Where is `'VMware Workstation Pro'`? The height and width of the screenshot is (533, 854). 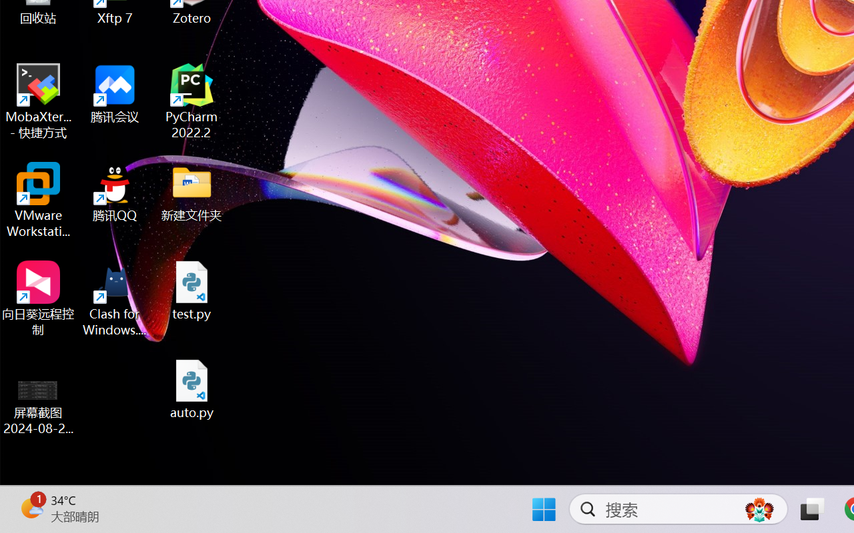 'VMware Workstation Pro' is located at coordinates (38, 200).